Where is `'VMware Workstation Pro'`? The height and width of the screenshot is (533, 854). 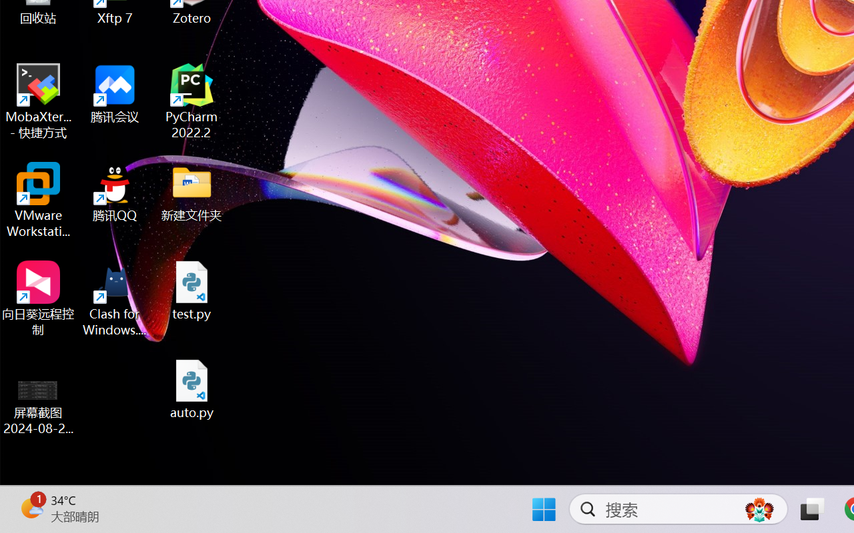 'VMware Workstation Pro' is located at coordinates (38, 200).